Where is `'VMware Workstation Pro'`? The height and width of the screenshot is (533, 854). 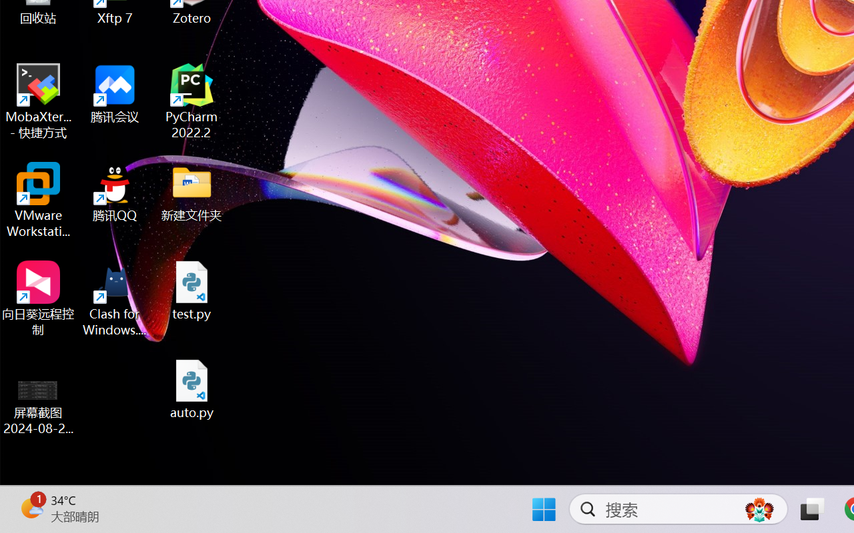 'VMware Workstation Pro' is located at coordinates (38, 200).